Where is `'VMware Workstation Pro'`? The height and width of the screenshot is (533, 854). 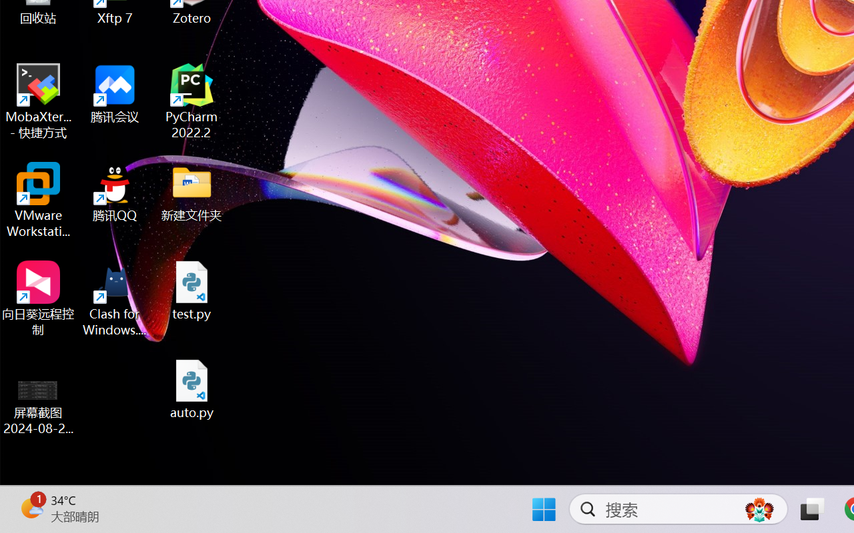 'VMware Workstation Pro' is located at coordinates (38, 200).